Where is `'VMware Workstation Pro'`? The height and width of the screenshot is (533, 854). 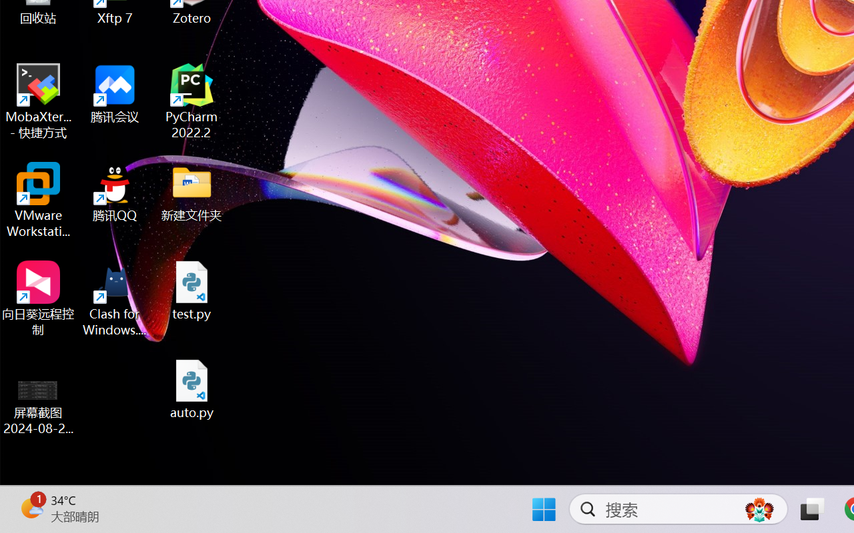 'VMware Workstation Pro' is located at coordinates (38, 200).